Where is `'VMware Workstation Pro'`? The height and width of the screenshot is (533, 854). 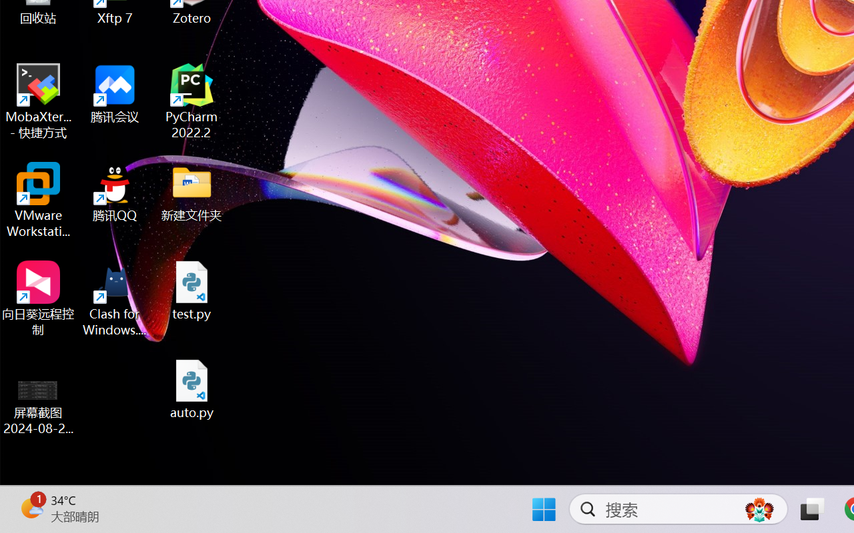 'VMware Workstation Pro' is located at coordinates (38, 200).